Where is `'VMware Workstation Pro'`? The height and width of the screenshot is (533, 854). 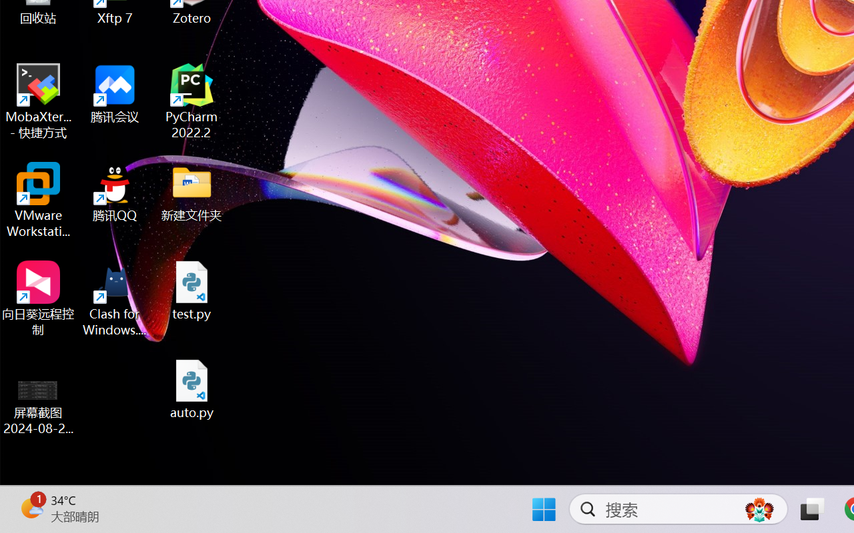 'VMware Workstation Pro' is located at coordinates (38, 200).